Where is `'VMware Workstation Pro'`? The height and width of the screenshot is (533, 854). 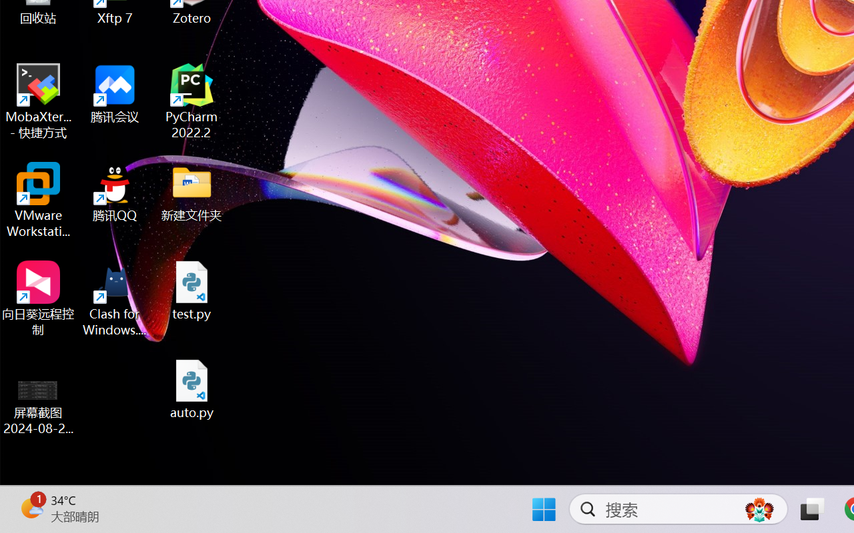 'VMware Workstation Pro' is located at coordinates (38, 200).